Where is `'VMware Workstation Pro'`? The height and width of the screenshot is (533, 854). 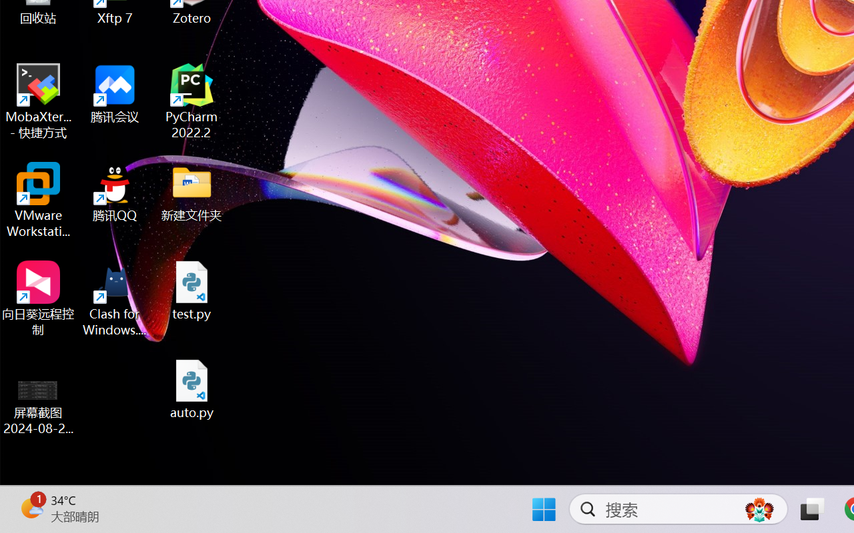 'VMware Workstation Pro' is located at coordinates (38, 200).